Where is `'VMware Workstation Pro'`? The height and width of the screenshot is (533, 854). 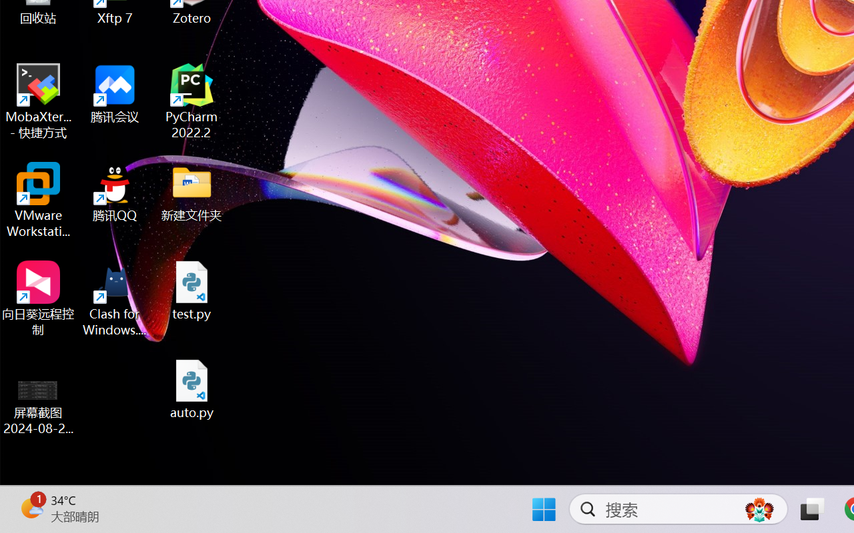 'VMware Workstation Pro' is located at coordinates (38, 200).